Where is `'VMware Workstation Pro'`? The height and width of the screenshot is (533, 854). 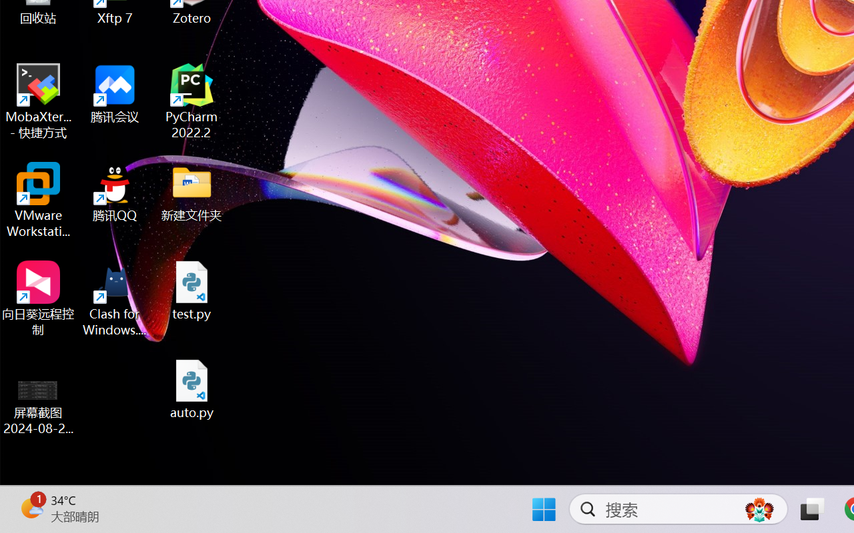 'VMware Workstation Pro' is located at coordinates (38, 200).